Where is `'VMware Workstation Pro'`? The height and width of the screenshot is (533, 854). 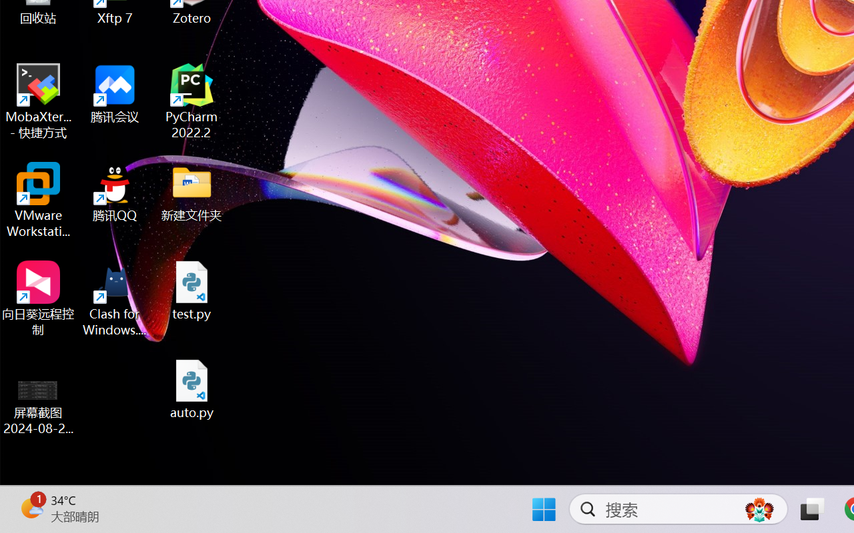 'VMware Workstation Pro' is located at coordinates (38, 200).